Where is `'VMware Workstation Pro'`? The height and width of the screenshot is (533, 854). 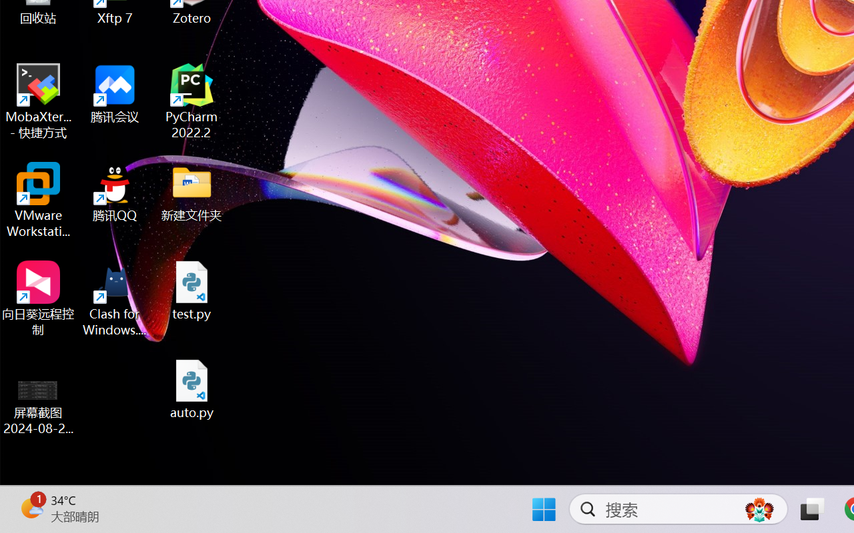 'VMware Workstation Pro' is located at coordinates (38, 200).